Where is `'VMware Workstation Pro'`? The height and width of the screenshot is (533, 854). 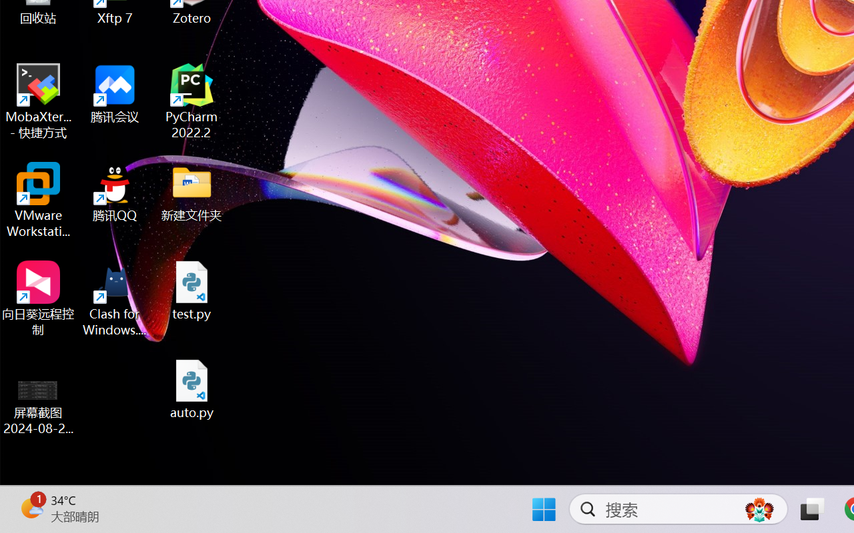 'VMware Workstation Pro' is located at coordinates (38, 200).